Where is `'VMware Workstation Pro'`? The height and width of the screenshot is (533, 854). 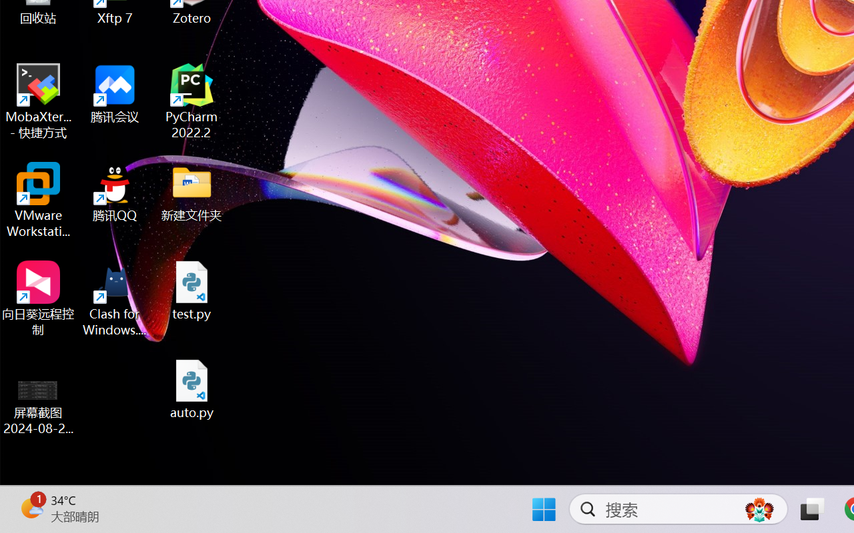 'VMware Workstation Pro' is located at coordinates (38, 200).